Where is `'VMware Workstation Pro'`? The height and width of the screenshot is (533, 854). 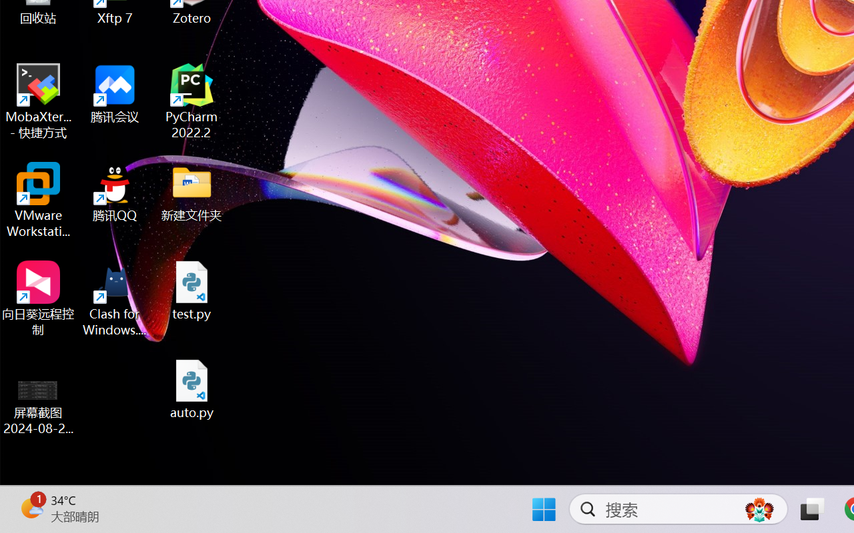 'VMware Workstation Pro' is located at coordinates (38, 200).